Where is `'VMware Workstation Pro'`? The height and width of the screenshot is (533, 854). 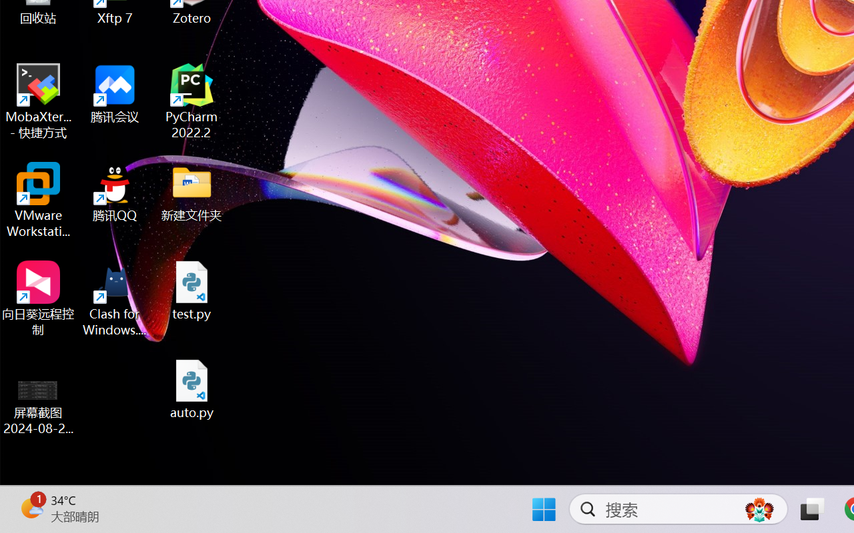 'VMware Workstation Pro' is located at coordinates (38, 200).